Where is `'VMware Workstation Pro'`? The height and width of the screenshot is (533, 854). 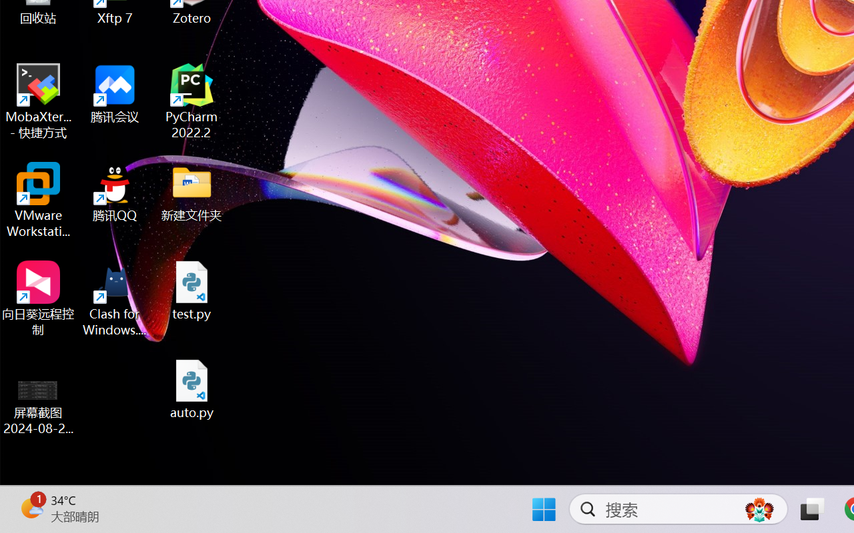 'VMware Workstation Pro' is located at coordinates (38, 200).